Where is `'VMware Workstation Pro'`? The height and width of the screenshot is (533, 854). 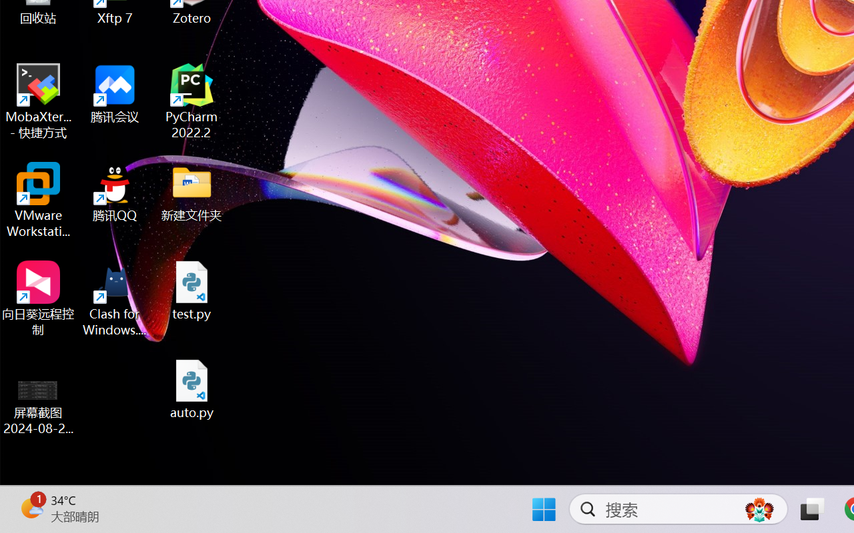 'VMware Workstation Pro' is located at coordinates (38, 200).